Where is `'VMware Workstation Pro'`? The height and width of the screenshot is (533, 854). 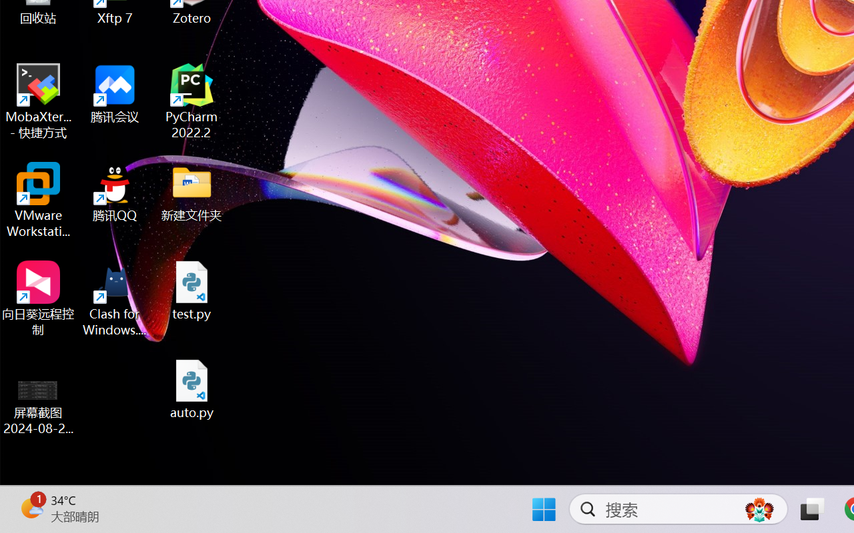 'VMware Workstation Pro' is located at coordinates (38, 200).